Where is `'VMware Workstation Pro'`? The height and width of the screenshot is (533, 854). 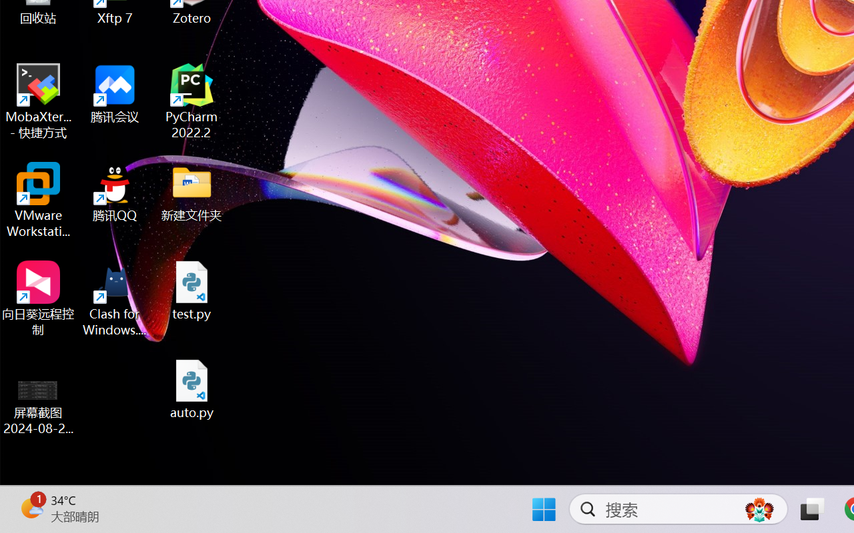 'VMware Workstation Pro' is located at coordinates (38, 200).